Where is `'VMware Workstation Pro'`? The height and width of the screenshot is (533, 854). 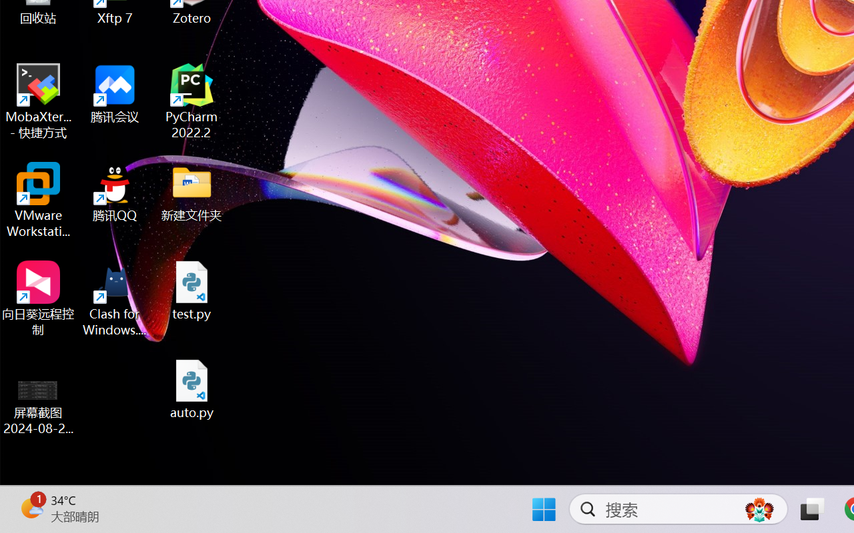 'VMware Workstation Pro' is located at coordinates (38, 200).